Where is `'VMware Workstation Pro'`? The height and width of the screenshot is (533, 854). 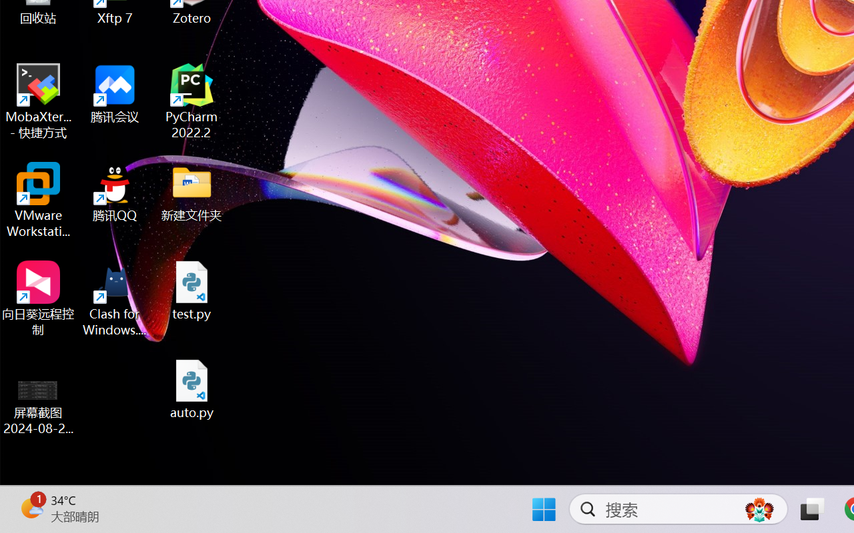 'VMware Workstation Pro' is located at coordinates (38, 200).